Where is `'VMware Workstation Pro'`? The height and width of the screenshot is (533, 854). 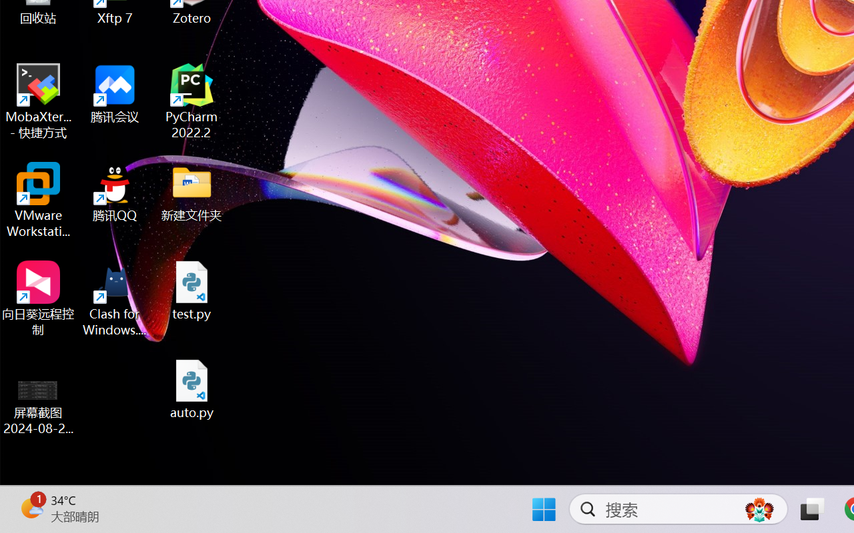 'VMware Workstation Pro' is located at coordinates (38, 200).